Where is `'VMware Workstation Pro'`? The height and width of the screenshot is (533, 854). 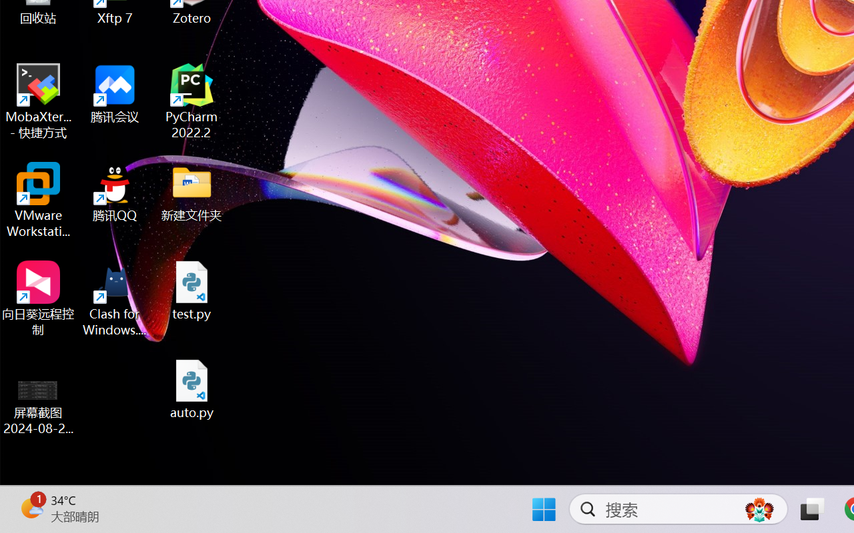 'VMware Workstation Pro' is located at coordinates (38, 200).